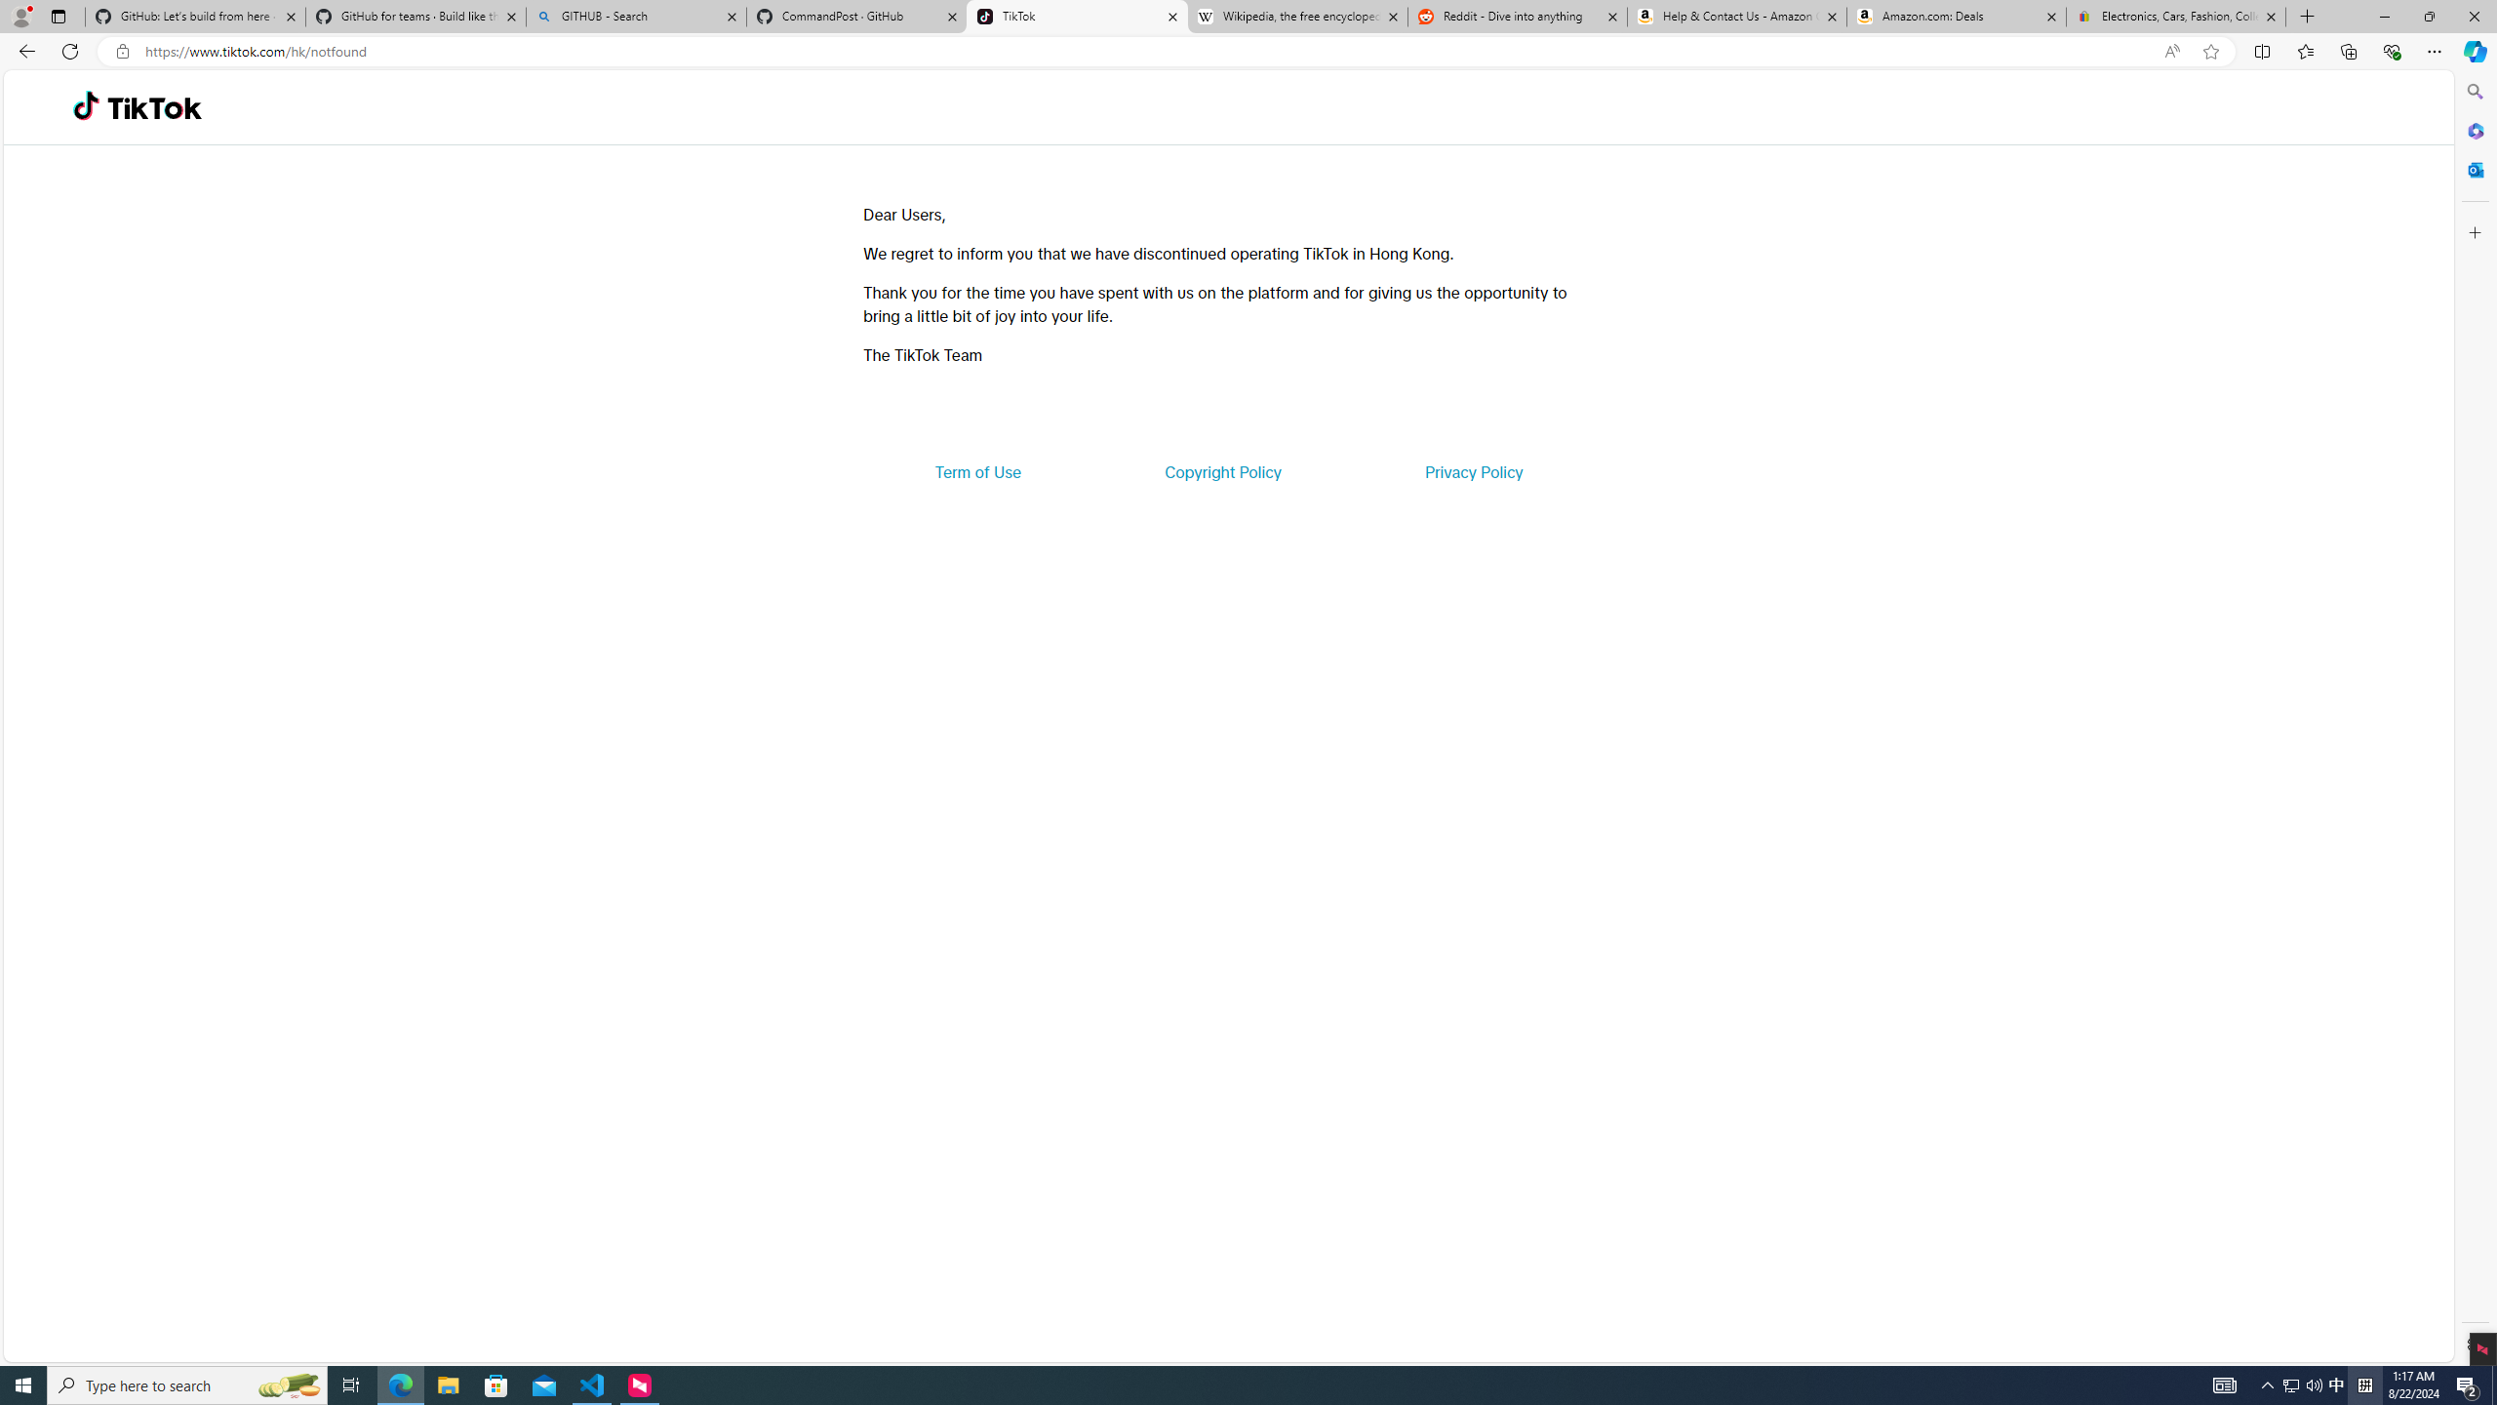  I want to click on 'Privacy Policy', so click(1472, 470).